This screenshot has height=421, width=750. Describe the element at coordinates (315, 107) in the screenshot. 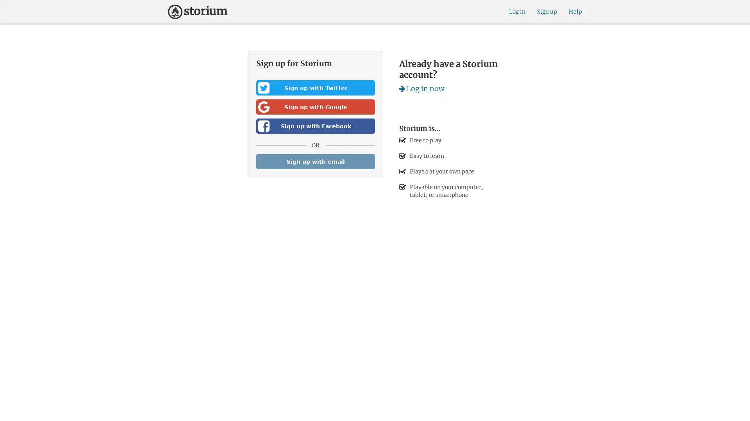

I see `Sign up with Google` at that location.